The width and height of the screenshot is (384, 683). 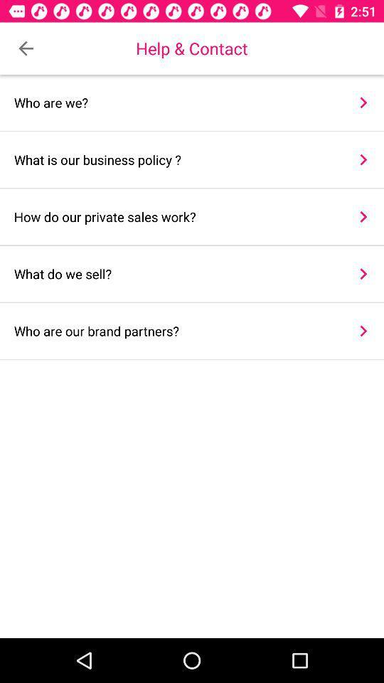 What do you see at coordinates (363, 216) in the screenshot?
I see `the icon to the right of the how do our icon` at bounding box center [363, 216].